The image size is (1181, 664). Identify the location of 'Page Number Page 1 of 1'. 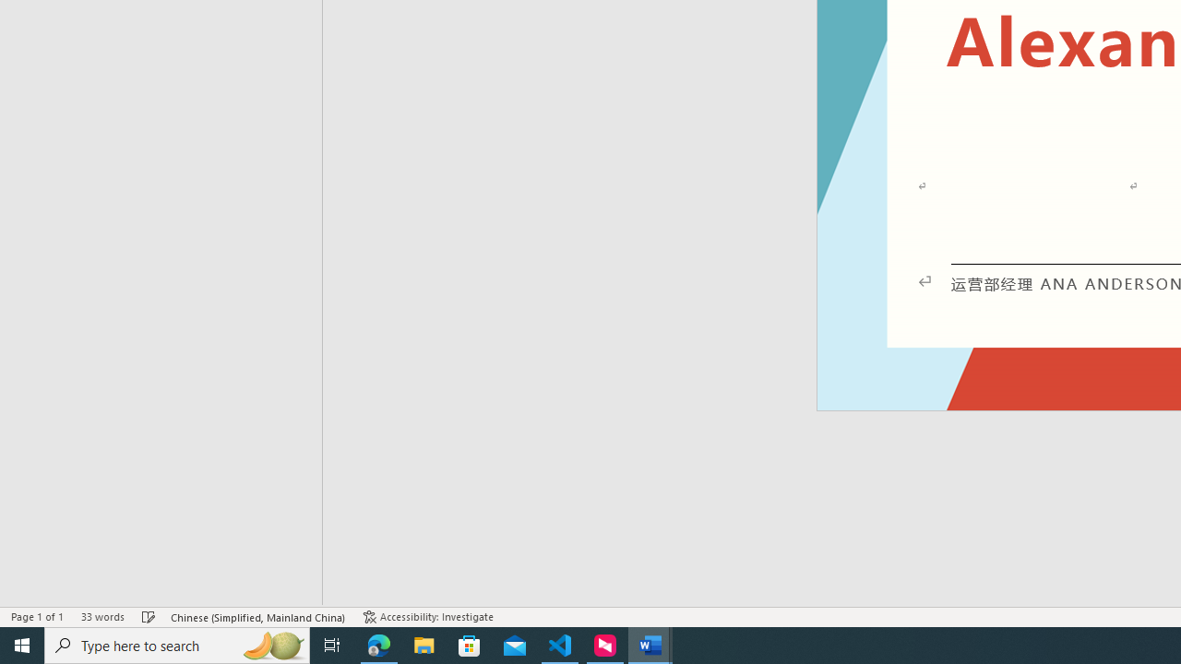
(37, 617).